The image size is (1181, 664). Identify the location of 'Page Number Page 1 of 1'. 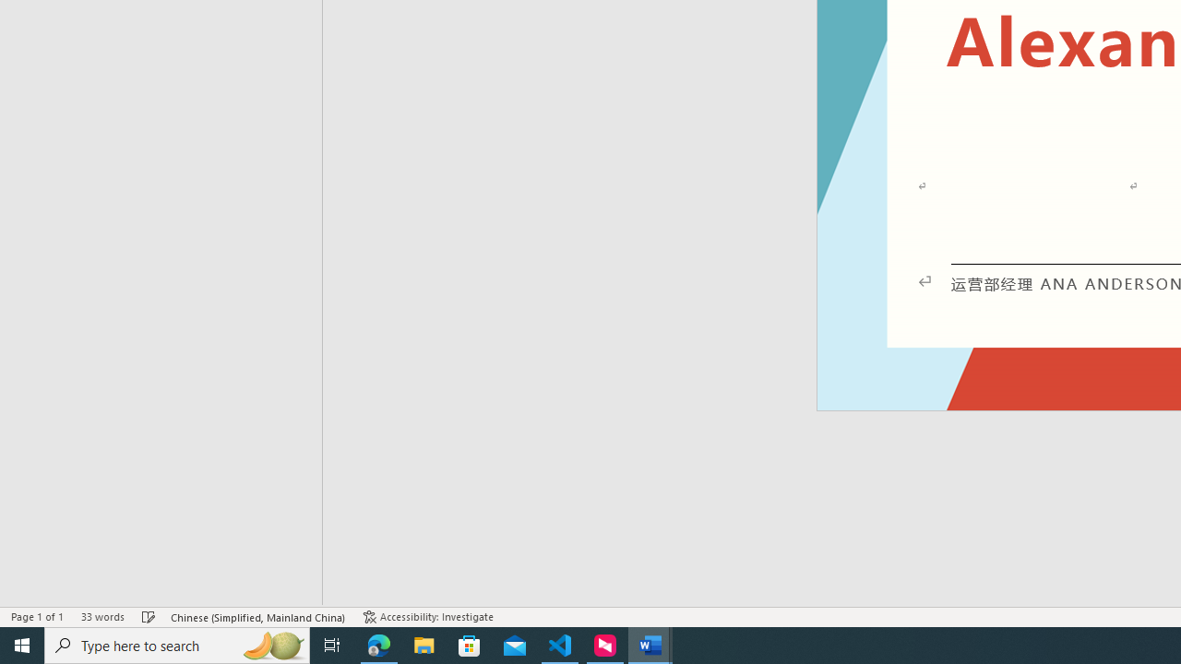
(37, 617).